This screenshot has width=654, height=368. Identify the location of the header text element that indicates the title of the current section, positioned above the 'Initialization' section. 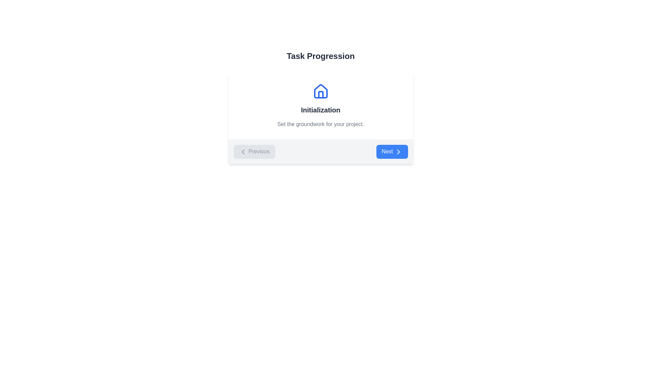
(320, 56).